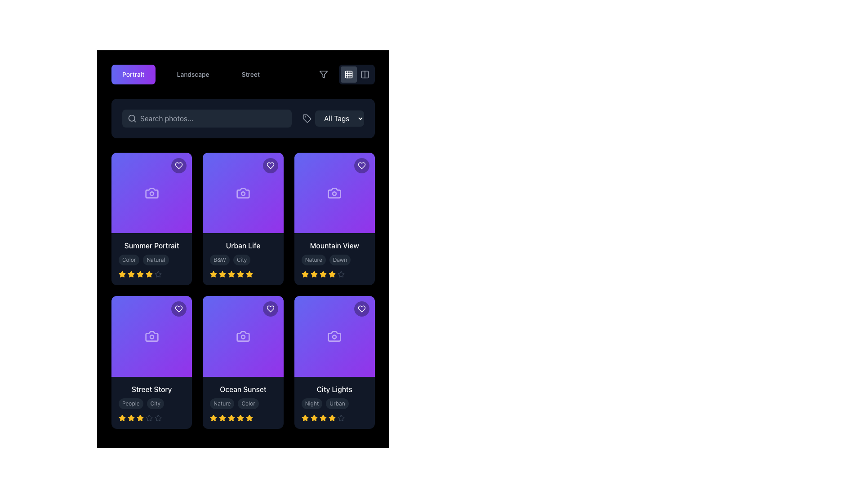 This screenshot has height=485, width=863. Describe the element at coordinates (331, 418) in the screenshot. I see `the last star in the row of five stars below the title 'City Lights'` at that location.